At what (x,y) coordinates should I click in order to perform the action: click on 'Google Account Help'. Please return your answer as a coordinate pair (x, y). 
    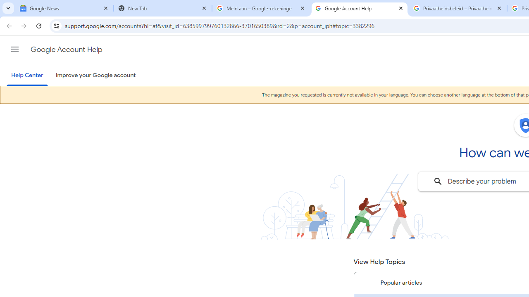
    Looking at the image, I should click on (360, 8).